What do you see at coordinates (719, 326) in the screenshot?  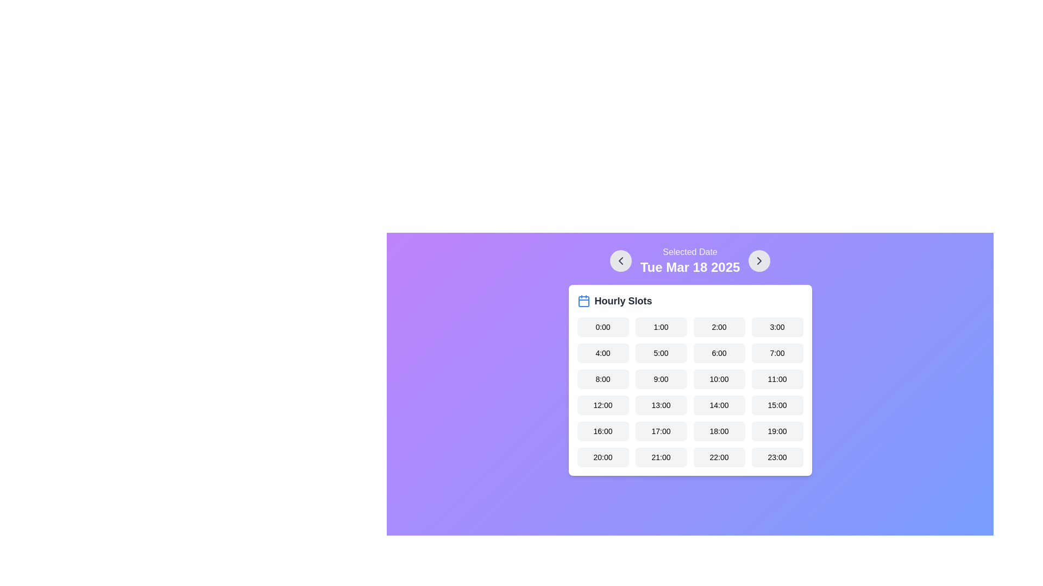 I see `the selectable time slot button labeled '2:00' located in the first row, third column of the hourly time slots grid` at bounding box center [719, 326].